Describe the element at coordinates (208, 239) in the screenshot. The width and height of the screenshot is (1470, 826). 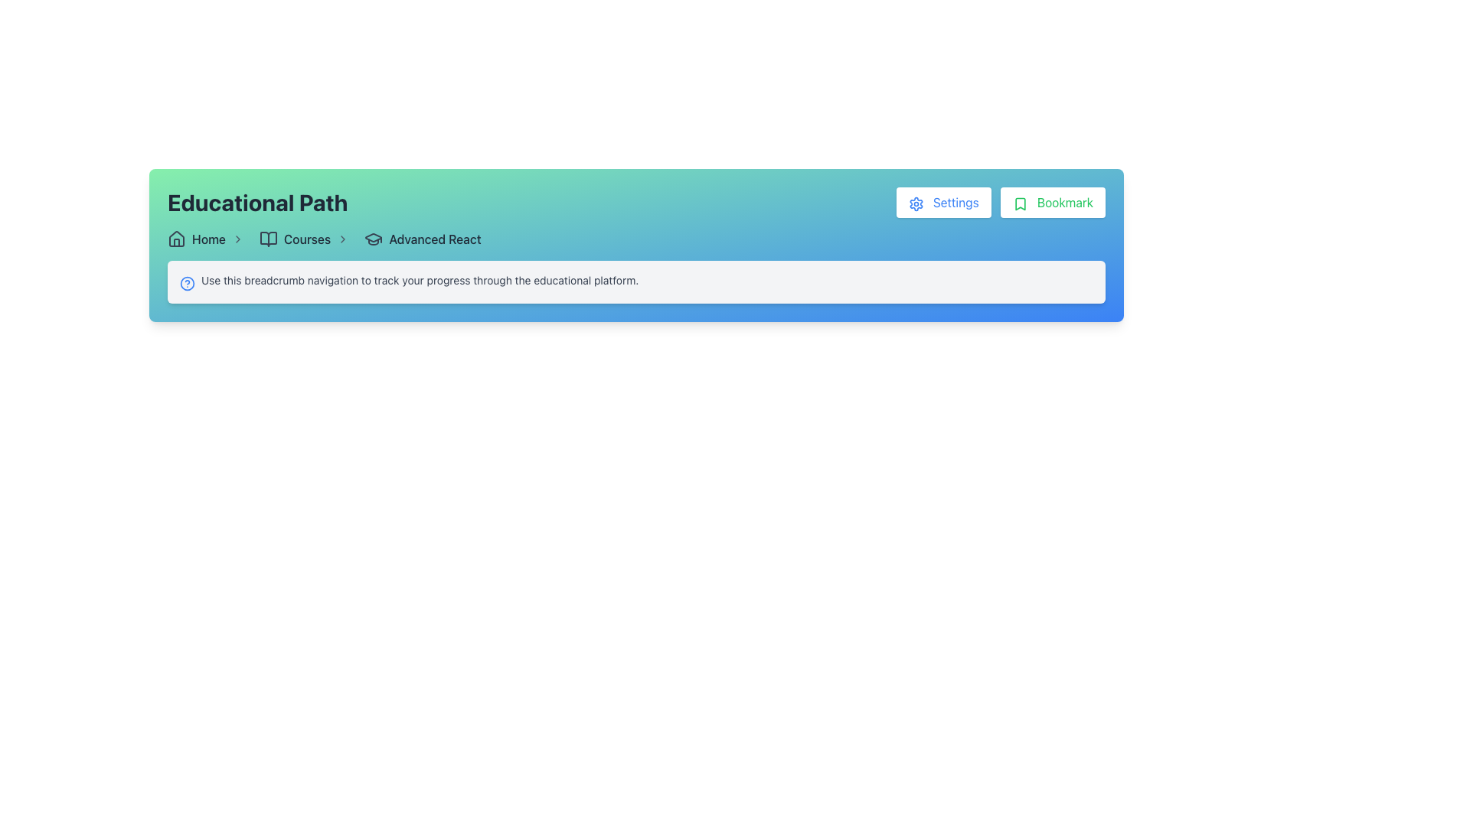
I see `the 'Home' text label displayed in dark gray color, located in the breadcrumb navigation bar near the top-left corner, adjacent to a house icon` at that location.